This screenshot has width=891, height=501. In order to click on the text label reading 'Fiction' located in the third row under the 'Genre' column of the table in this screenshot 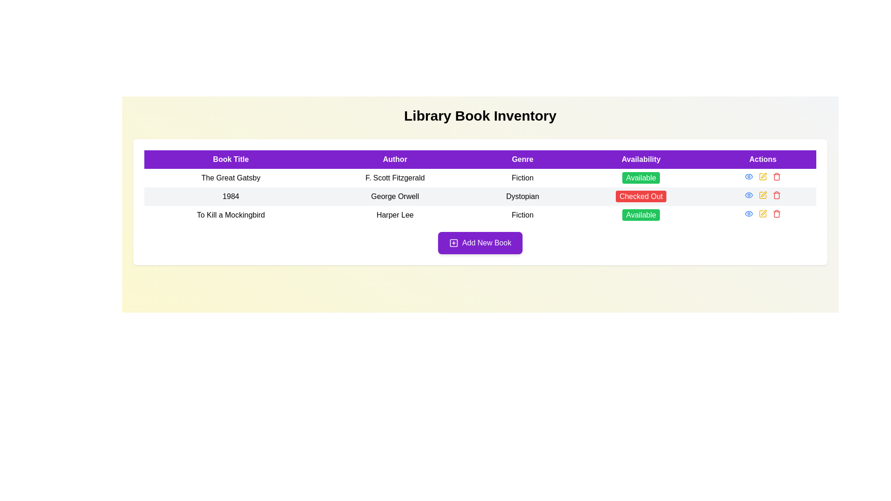, I will do `click(523, 215)`.